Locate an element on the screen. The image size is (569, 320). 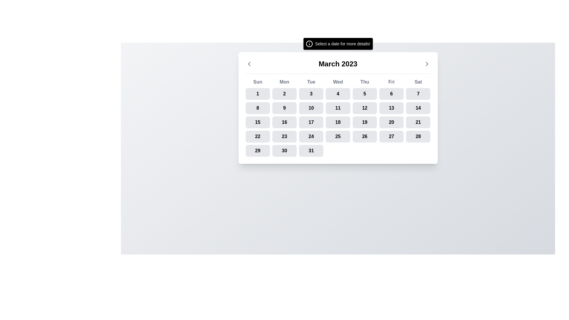
the calendar date representation for the 31st, which is a rounded rectangular button with a light gray background and bold black text is located at coordinates (311, 151).